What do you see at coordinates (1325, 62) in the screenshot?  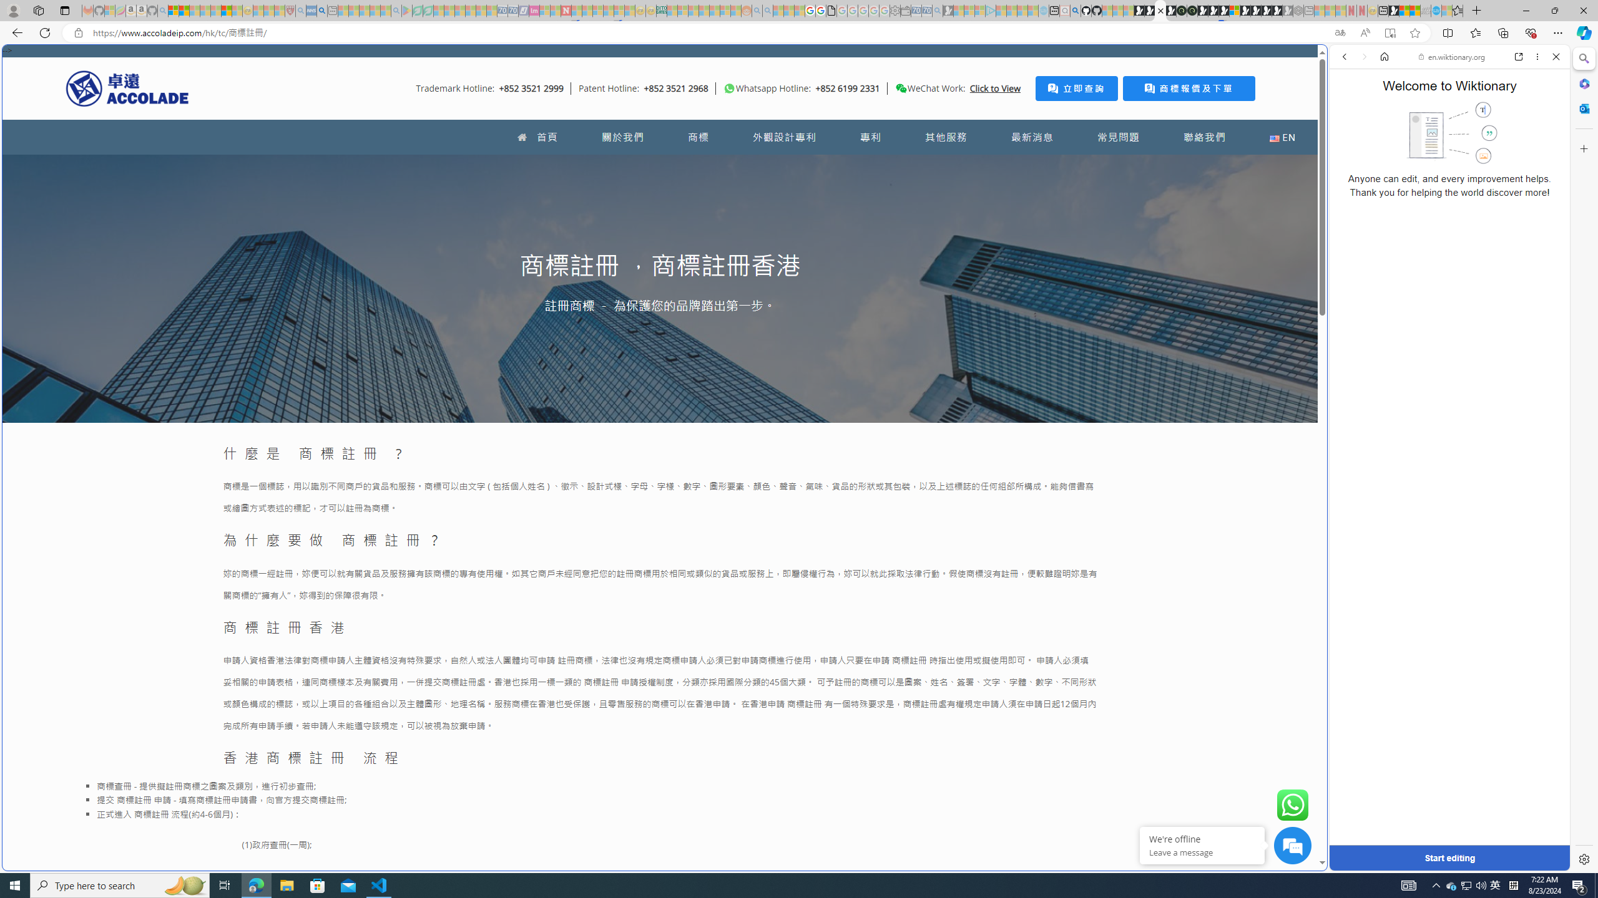 I see `'Close split screen'` at bounding box center [1325, 62].